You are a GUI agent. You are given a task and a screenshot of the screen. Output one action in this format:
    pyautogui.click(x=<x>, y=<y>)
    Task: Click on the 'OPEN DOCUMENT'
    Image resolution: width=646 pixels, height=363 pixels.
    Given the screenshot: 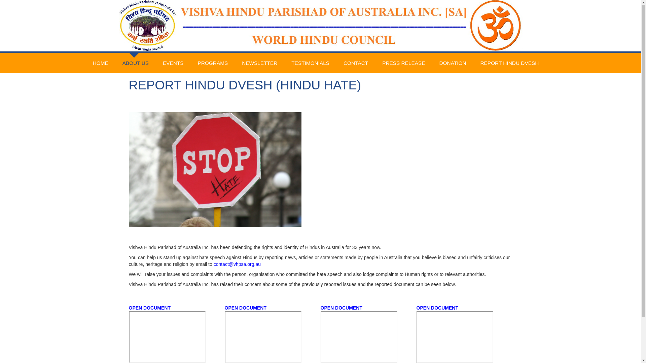 What is the action you would take?
    pyautogui.click(x=149, y=308)
    